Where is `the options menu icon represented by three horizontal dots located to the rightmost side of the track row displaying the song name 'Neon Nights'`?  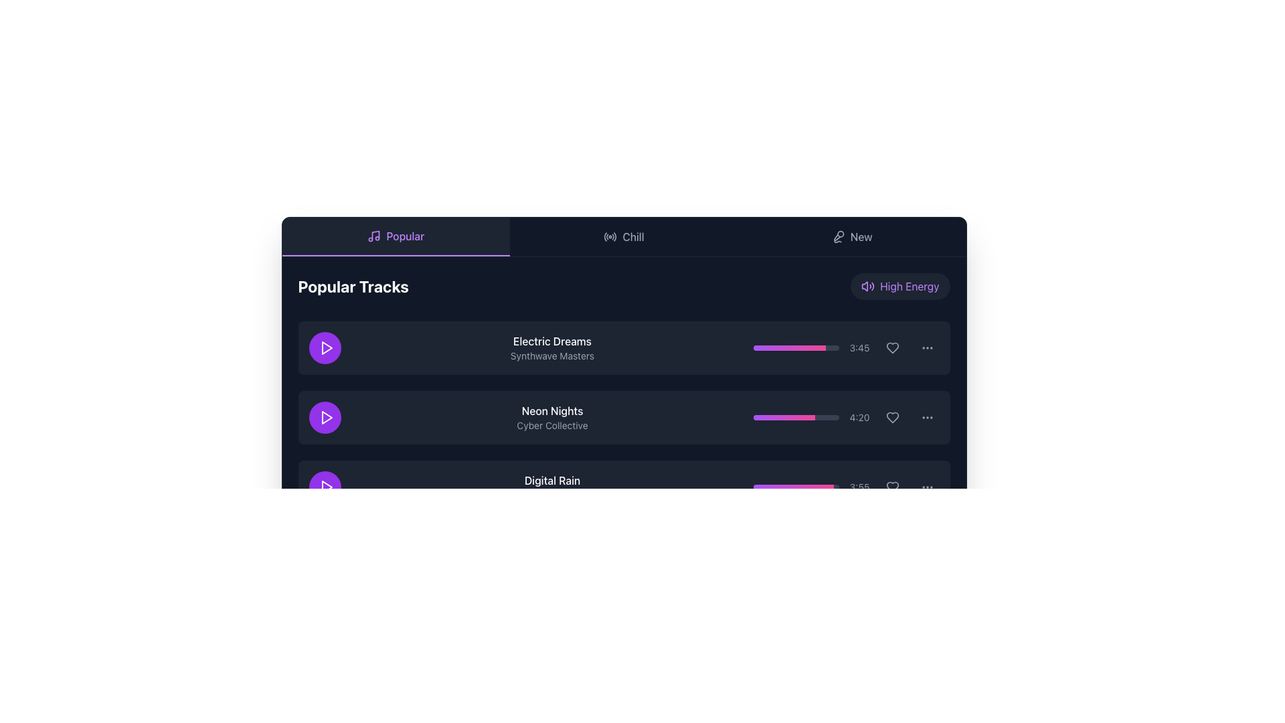 the options menu icon represented by three horizontal dots located to the rightmost side of the track row displaying the song name 'Neon Nights' is located at coordinates (926, 347).